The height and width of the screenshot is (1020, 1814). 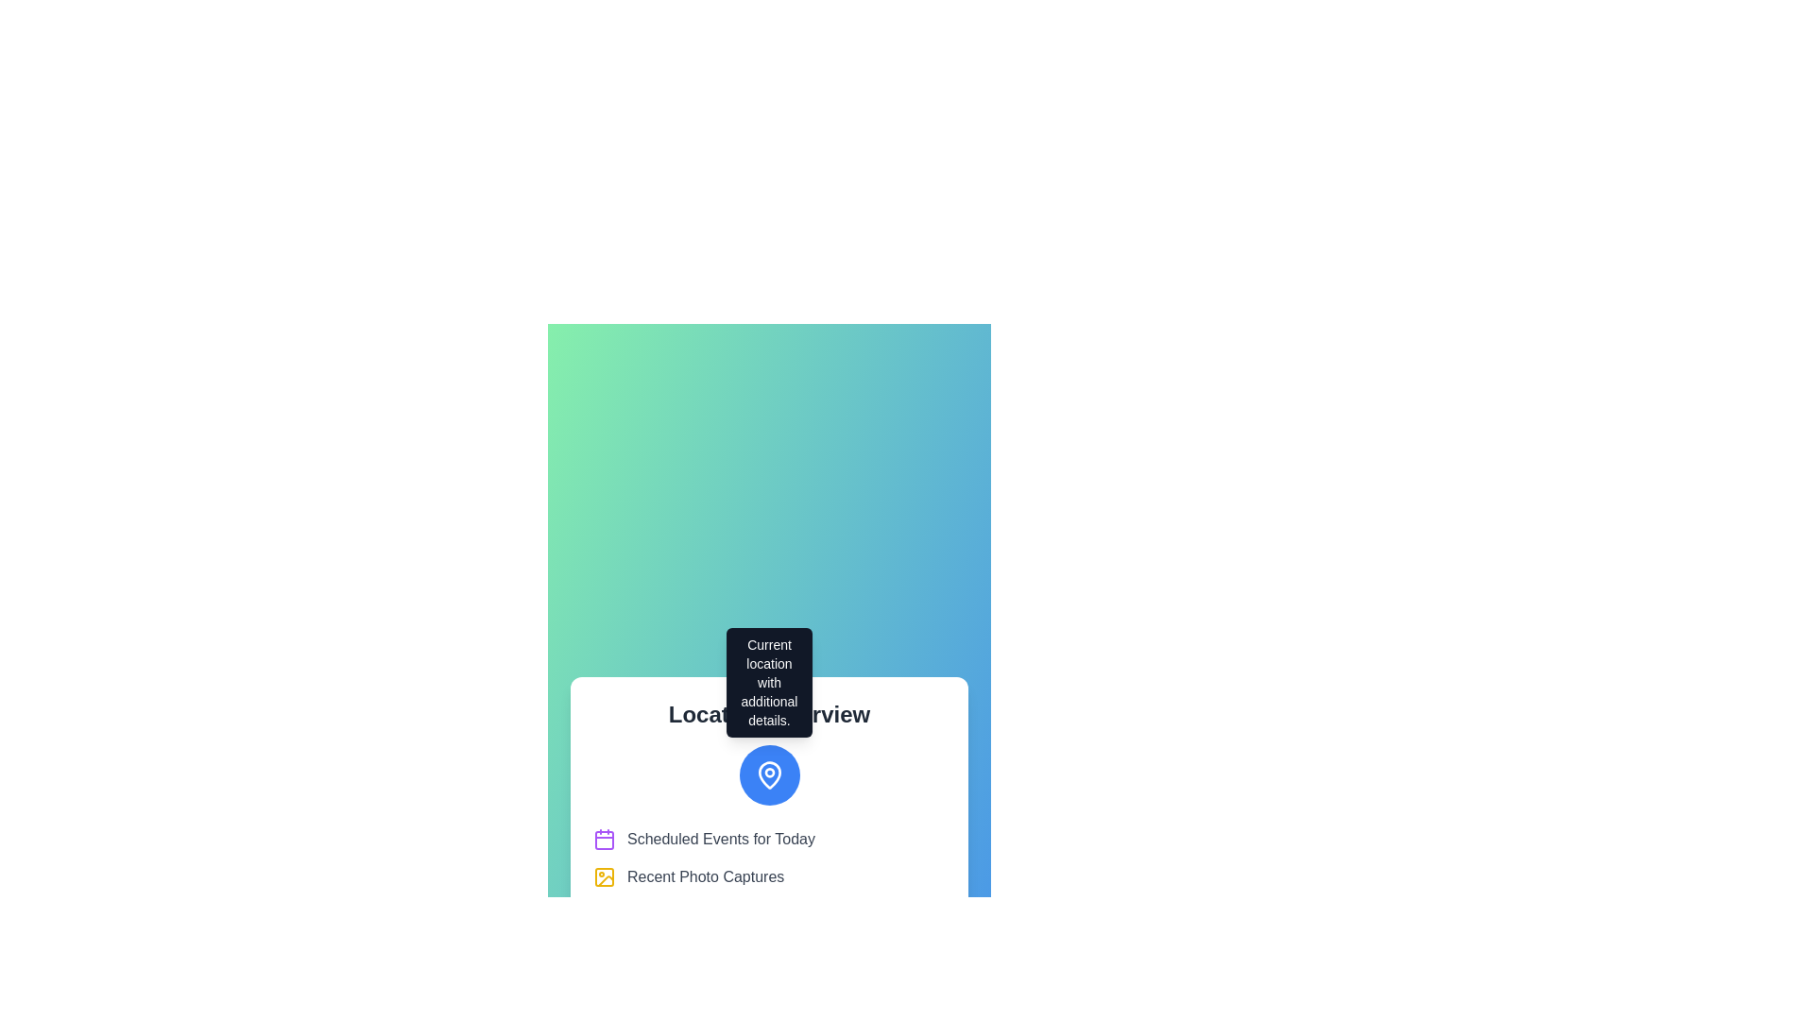 I want to click on the Tooltip that provides contextual information about the 'Current location', positioned directly above a circular icon with a pin symbol, so click(x=769, y=682).